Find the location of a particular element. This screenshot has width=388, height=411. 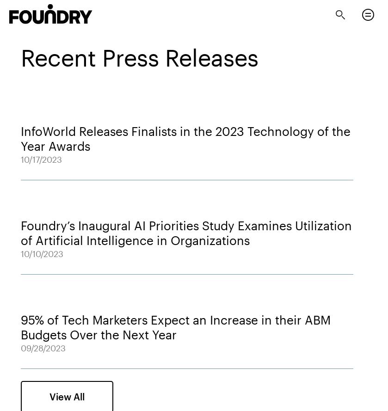

'About' is located at coordinates (13, 38).